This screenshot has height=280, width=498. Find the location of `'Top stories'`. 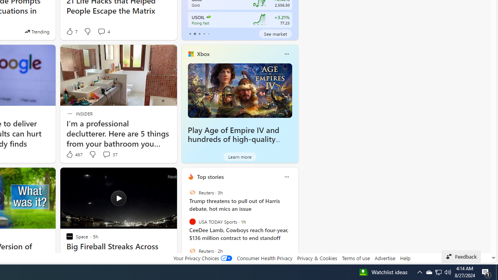

'Top stories' is located at coordinates (210, 177).